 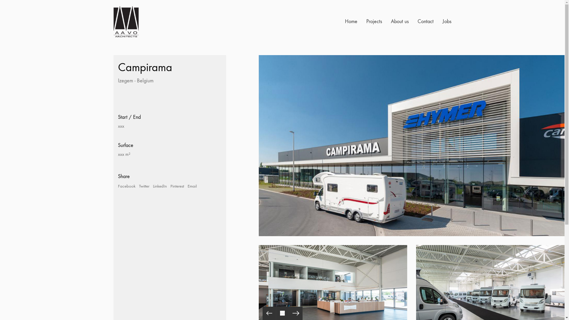 What do you see at coordinates (192, 186) in the screenshot?
I see `'Email'` at bounding box center [192, 186].